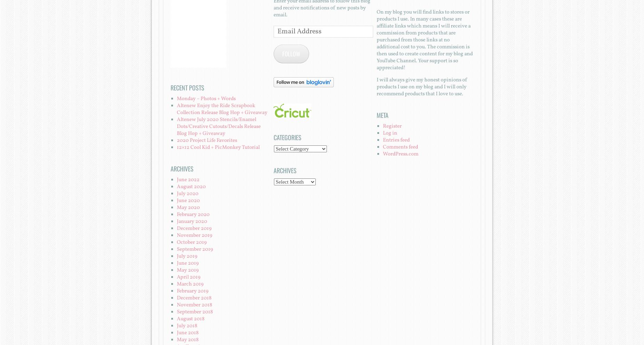 The height and width of the screenshot is (345, 644). Describe the element at coordinates (421, 86) in the screenshot. I see `'I will always give my honest opinions of products I use on my blog and I will only recommend products that I love to use.'` at that location.